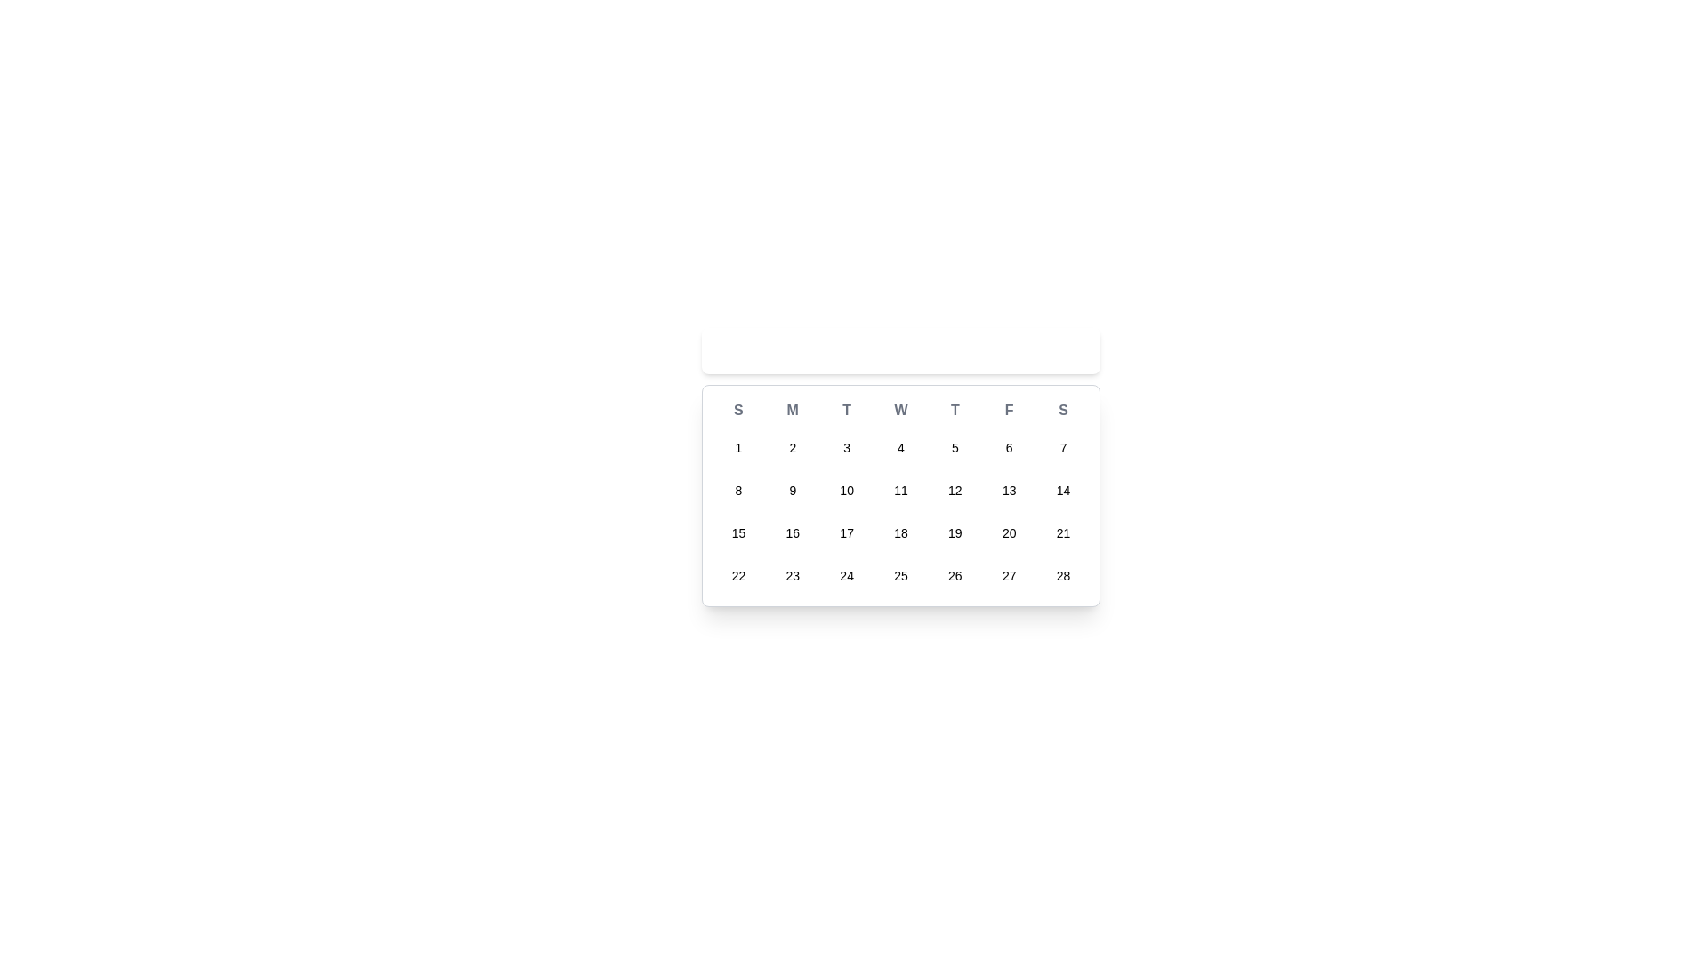 The image size is (1708, 960). I want to click on the button representing the second day of the month in the calendar grid, located between buttons labeled '1' and '3', so click(792, 447).